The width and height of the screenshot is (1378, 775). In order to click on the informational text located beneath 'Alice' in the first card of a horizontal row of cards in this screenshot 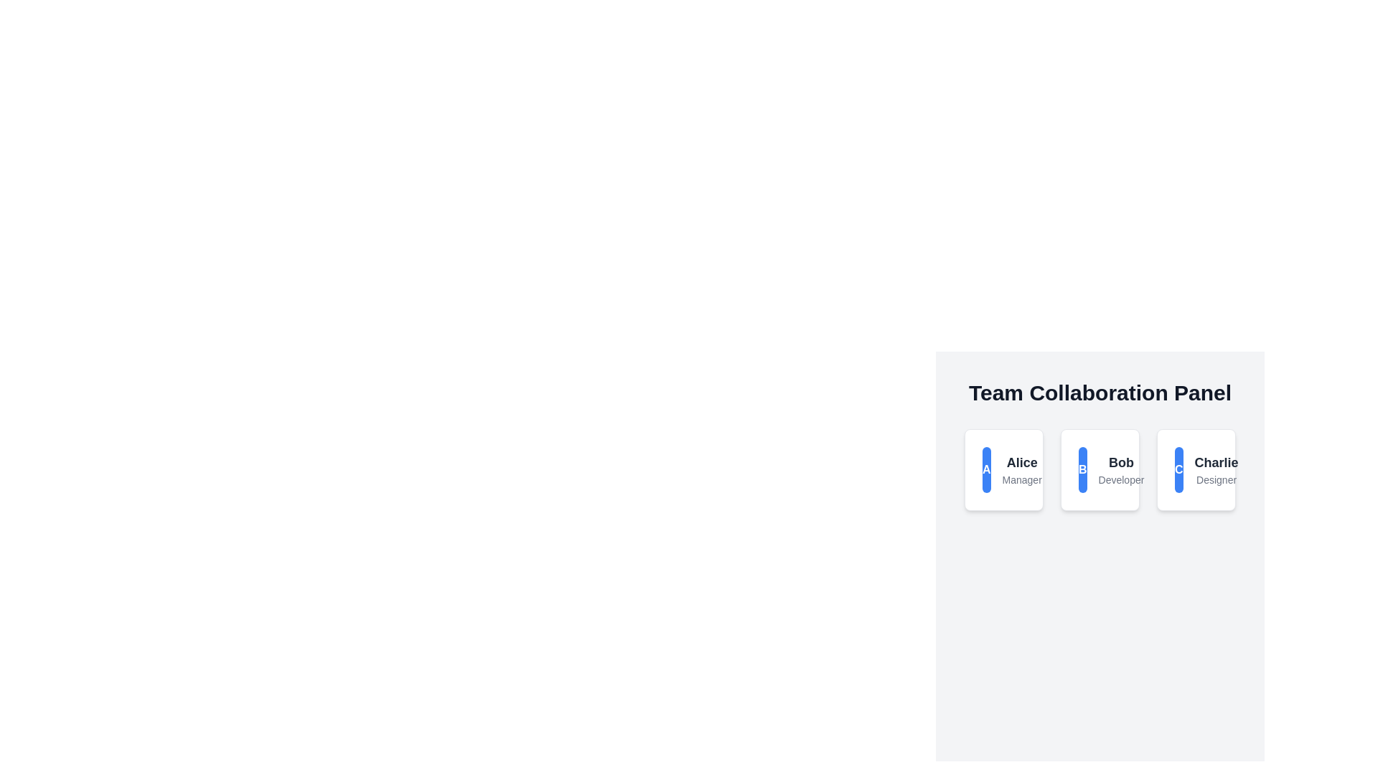, I will do `click(1021, 479)`.